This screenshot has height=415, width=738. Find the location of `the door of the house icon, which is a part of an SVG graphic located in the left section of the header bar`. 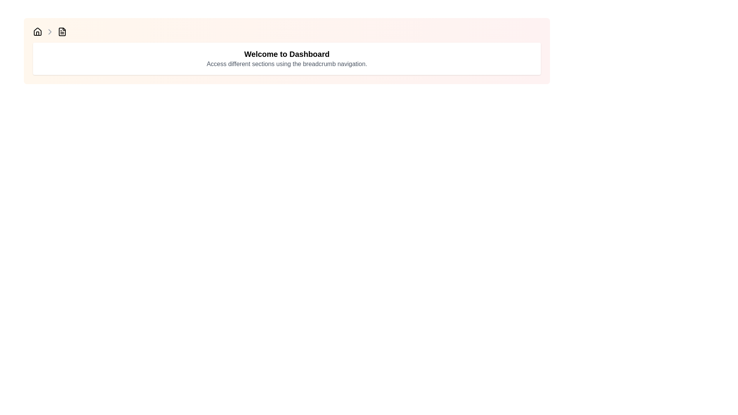

the door of the house icon, which is a part of an SVG graphic located in the left section of the header bar is located at coordinates (37, 33).